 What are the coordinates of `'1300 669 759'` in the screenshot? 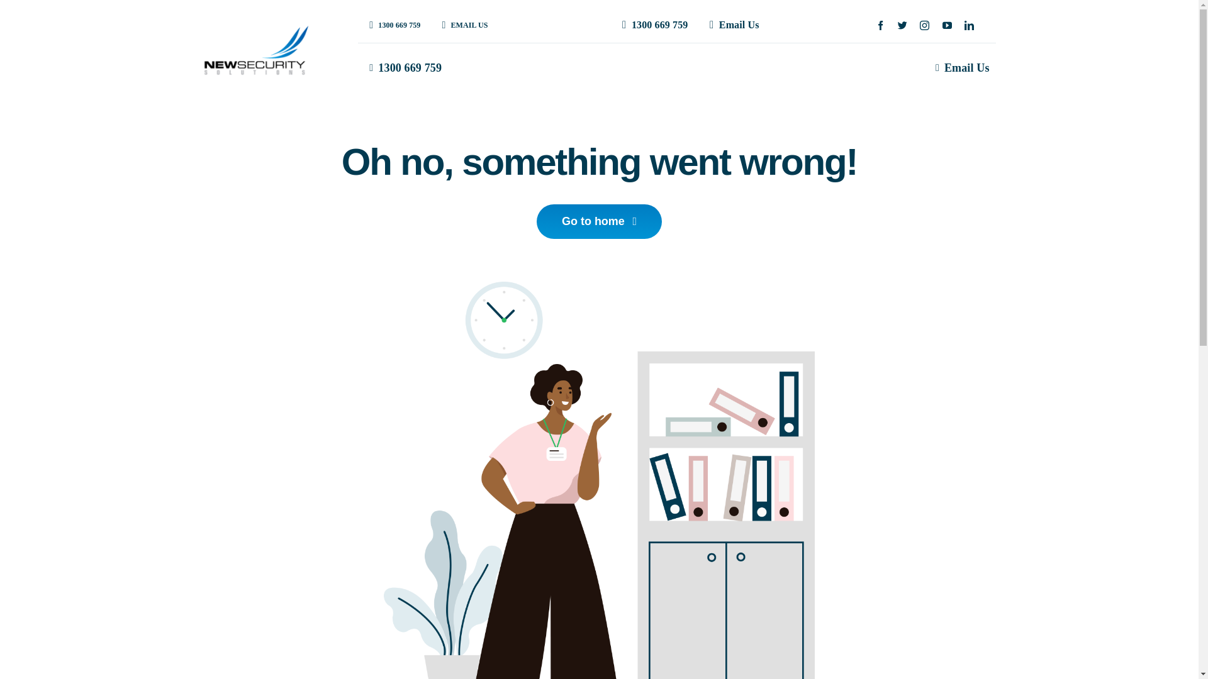 It's located at (403, 68).